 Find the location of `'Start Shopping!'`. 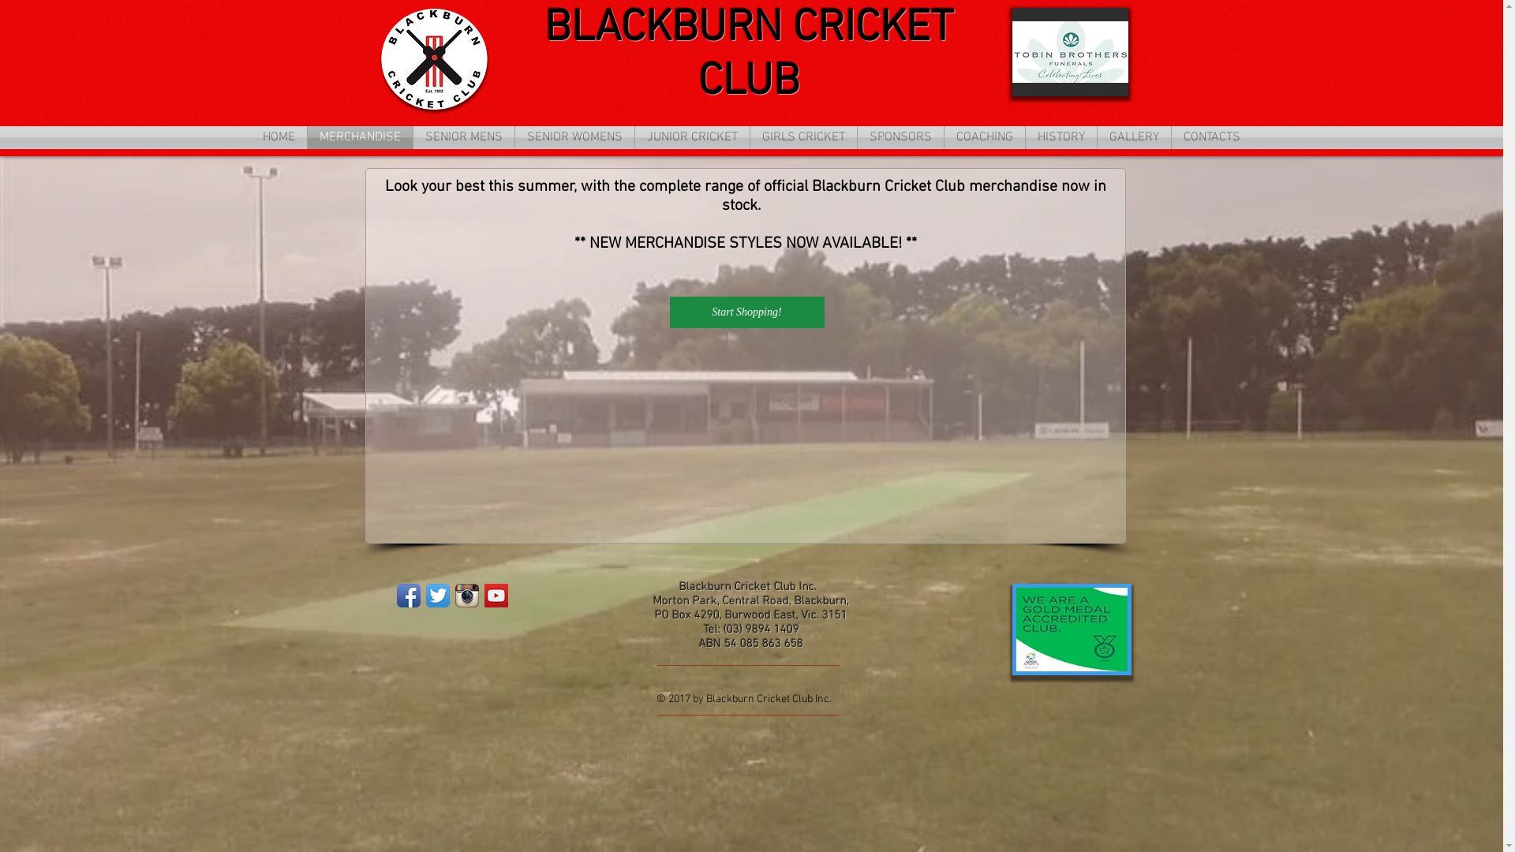

'Start Shopping!' is located at coordinates (745, 312).